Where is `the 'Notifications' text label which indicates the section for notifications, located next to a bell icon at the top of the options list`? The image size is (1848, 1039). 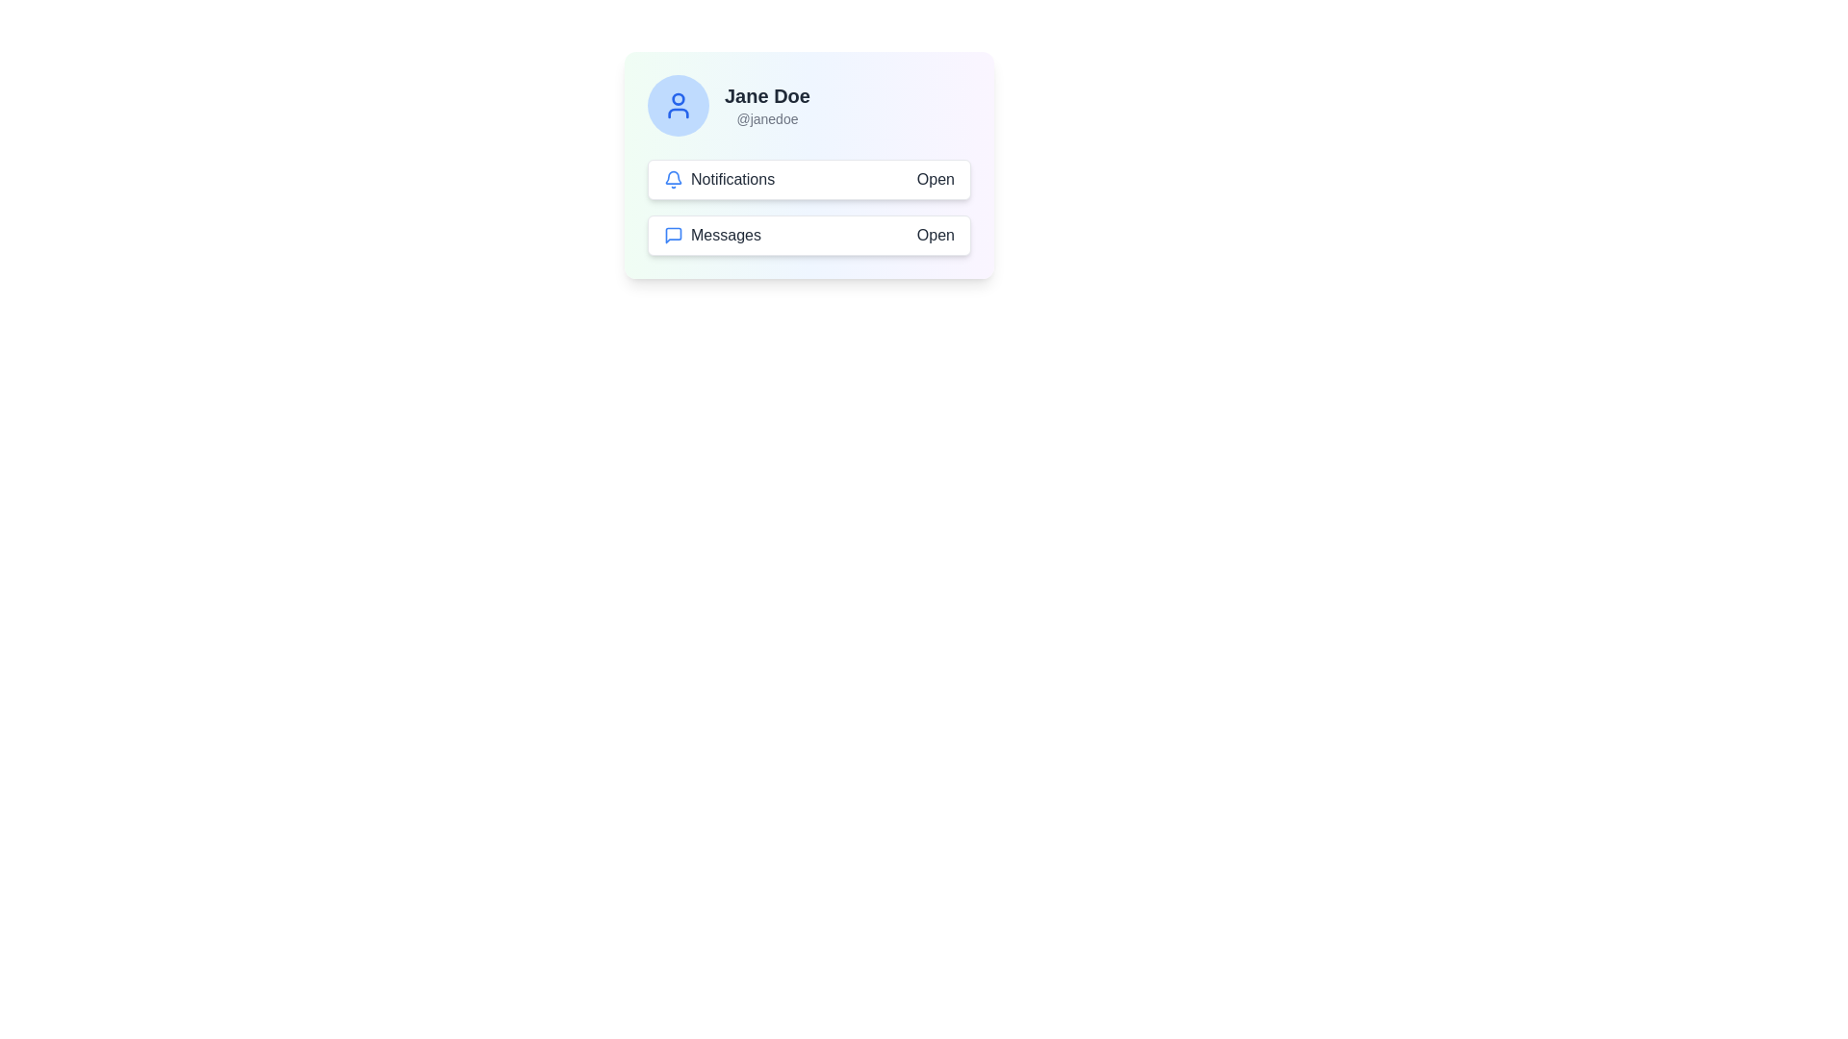 the 'Notifications' text label which indicates the section for notifications, located next to a bell icon at the top of the options list is located at coordinates (731, 179).